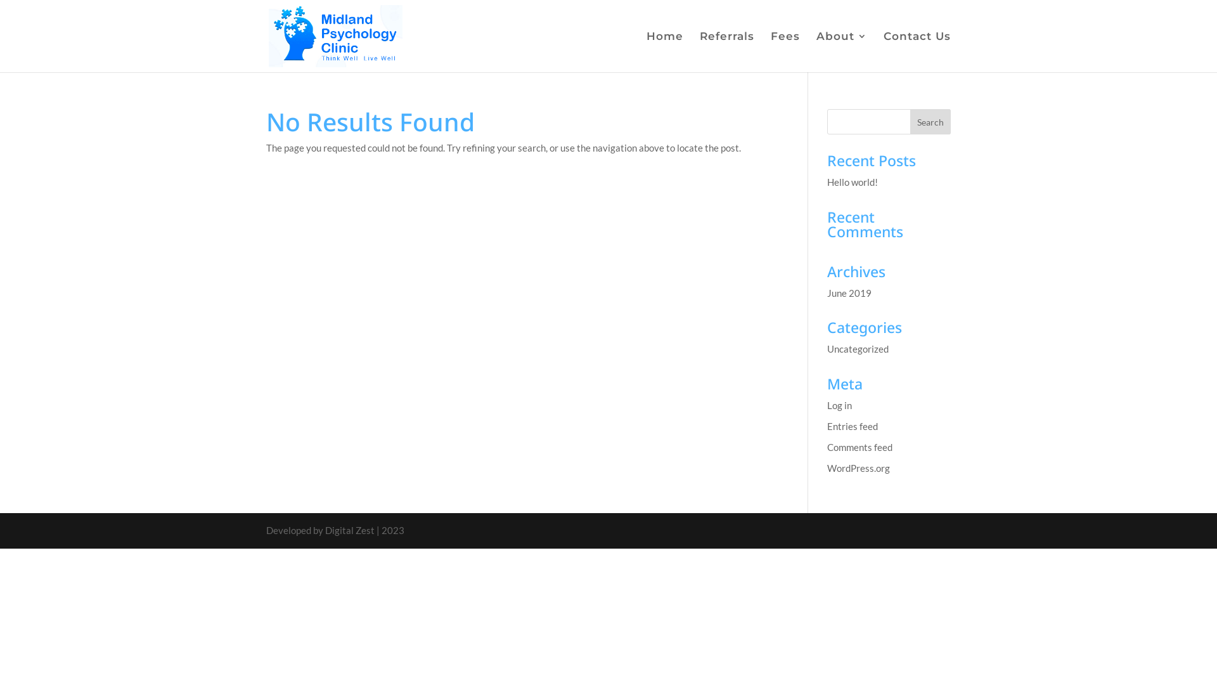 Image resolution: width=1217 pixels, height=685 pixels. What do you see at coordinates (727, 51) in the screenshot?
I see `'Referrals'` at bounding box center [727, 51].